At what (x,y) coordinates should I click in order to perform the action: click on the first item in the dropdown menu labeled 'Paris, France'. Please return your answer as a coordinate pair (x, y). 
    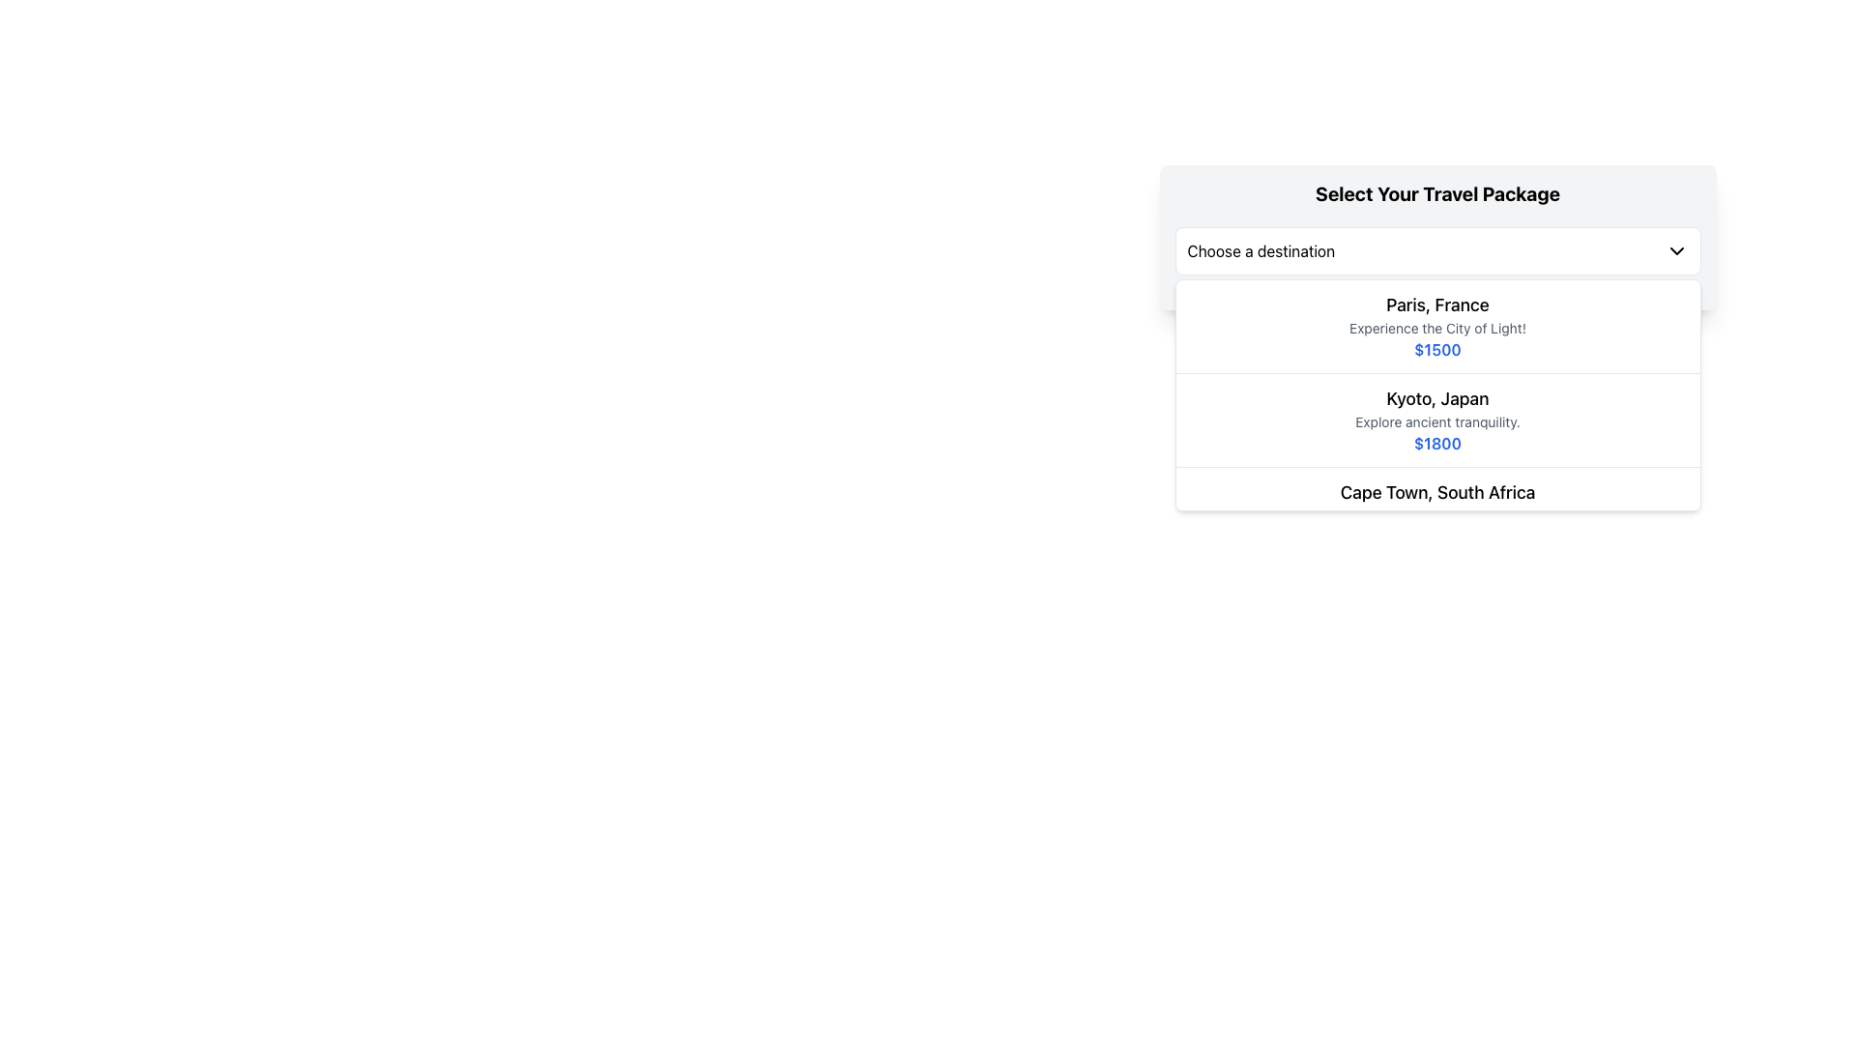
    Looking at the image, I should click on (1437, 326).